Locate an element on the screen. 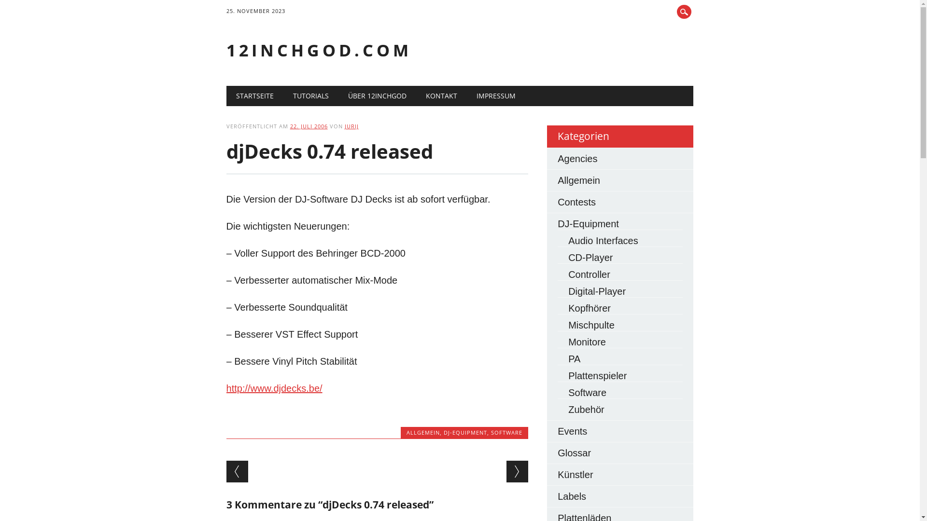  'SOFTWARE' is located at coordinates (506, 432).